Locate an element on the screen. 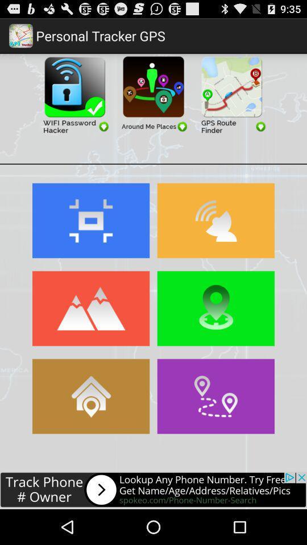  gps route finder is located at coordinates (231, 93).